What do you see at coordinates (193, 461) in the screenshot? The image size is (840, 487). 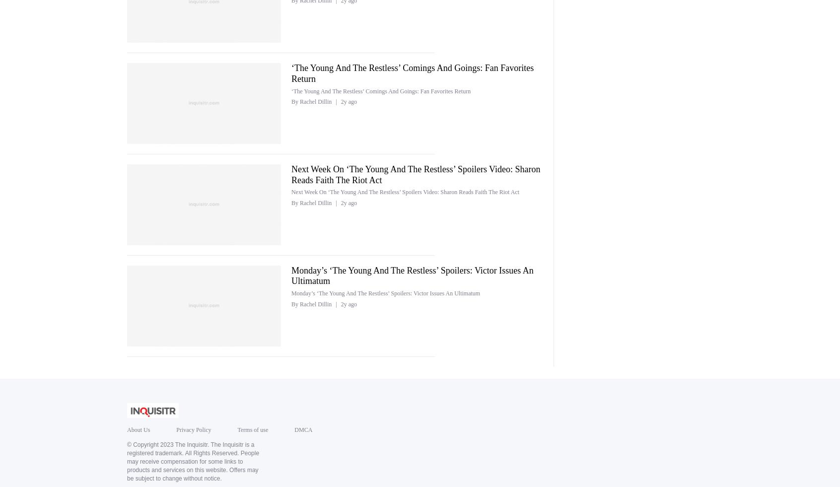 I see `'© Copyright 2023 The Inquisitr. The Inquisitr is a registered trademark. All Rights Reserved. People may receive compensation for some links to products and services on this website. Offers may be subject to change without notice.'` at bounding box center [193, 461].